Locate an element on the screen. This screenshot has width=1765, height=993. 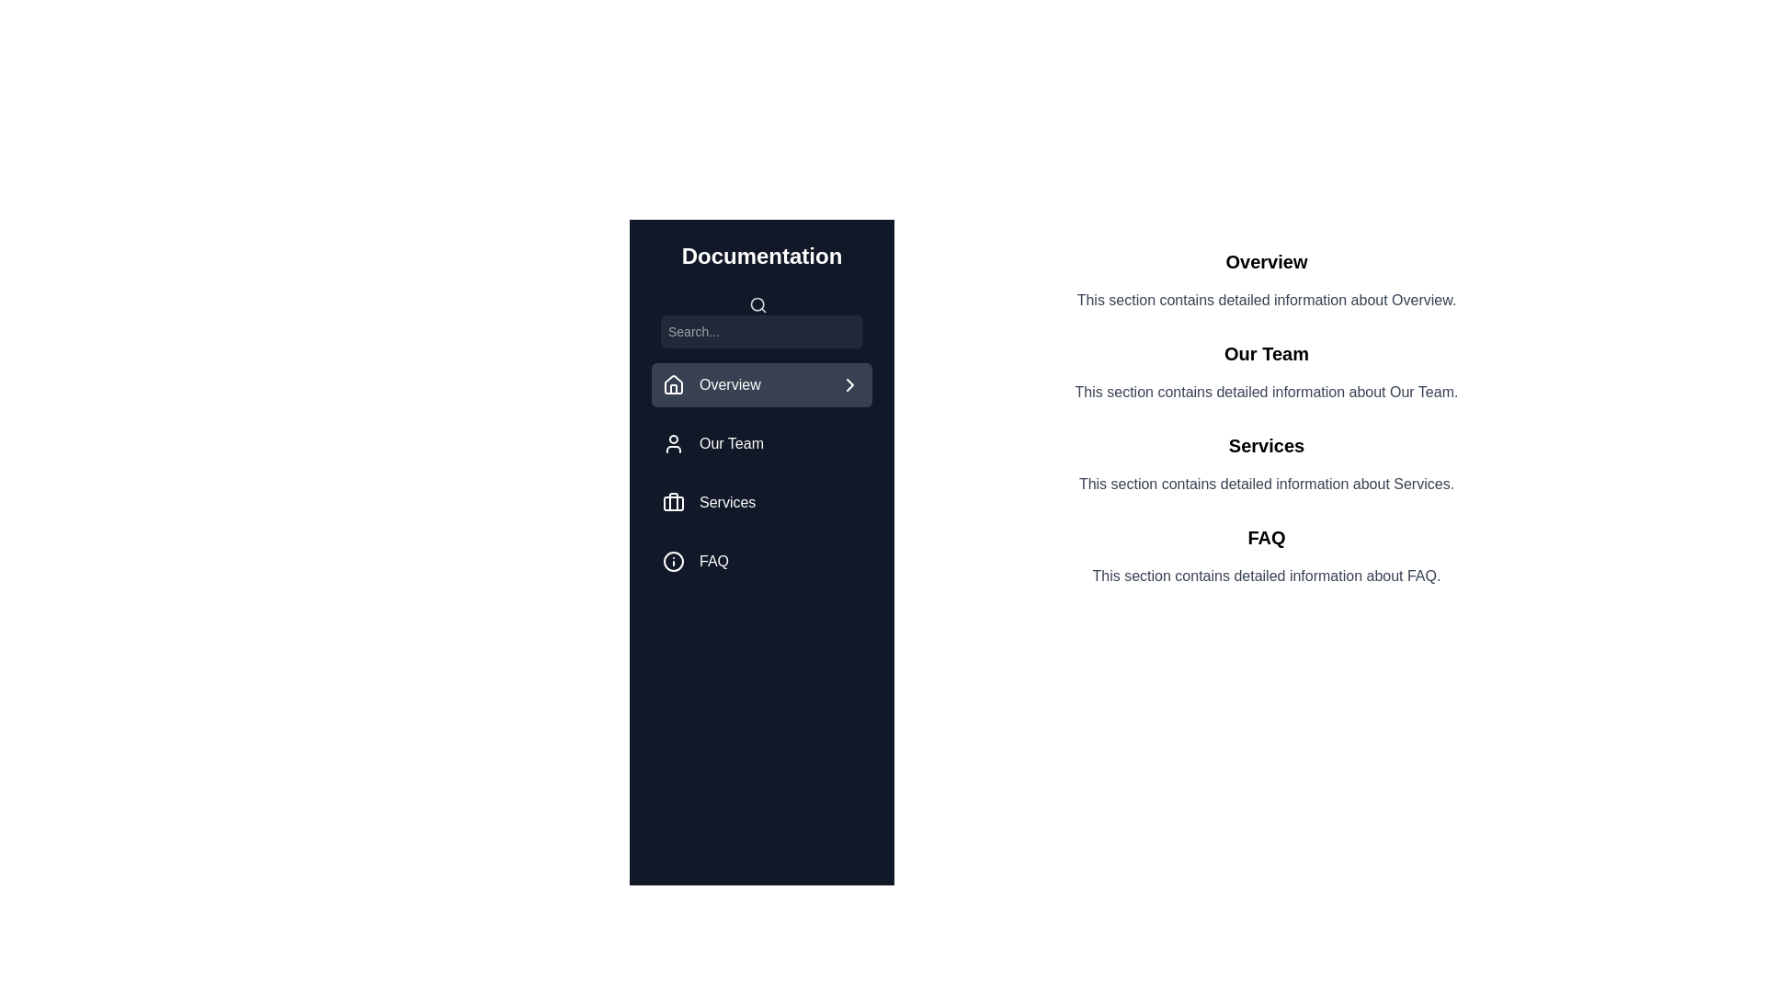
descriptive text element located beneath the 'FAQ' heading in the middle-right section of the interface is located at coordinates (1265, 576).